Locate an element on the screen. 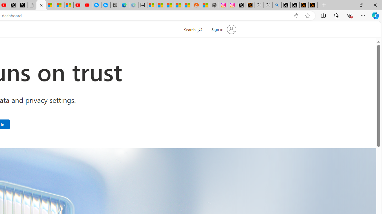  'Sign in to your account' is located at coordinates (223, 29).